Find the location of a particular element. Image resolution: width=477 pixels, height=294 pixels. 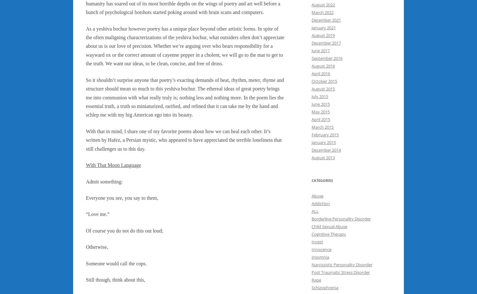

'December 2014' is located at coordinates (311, 150).